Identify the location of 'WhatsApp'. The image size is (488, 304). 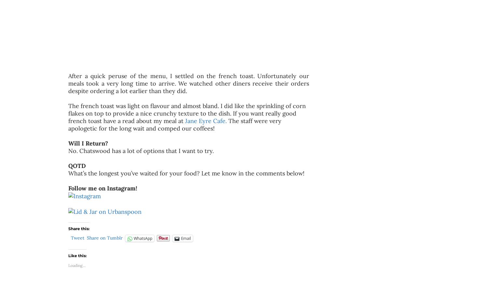
(142, 238).